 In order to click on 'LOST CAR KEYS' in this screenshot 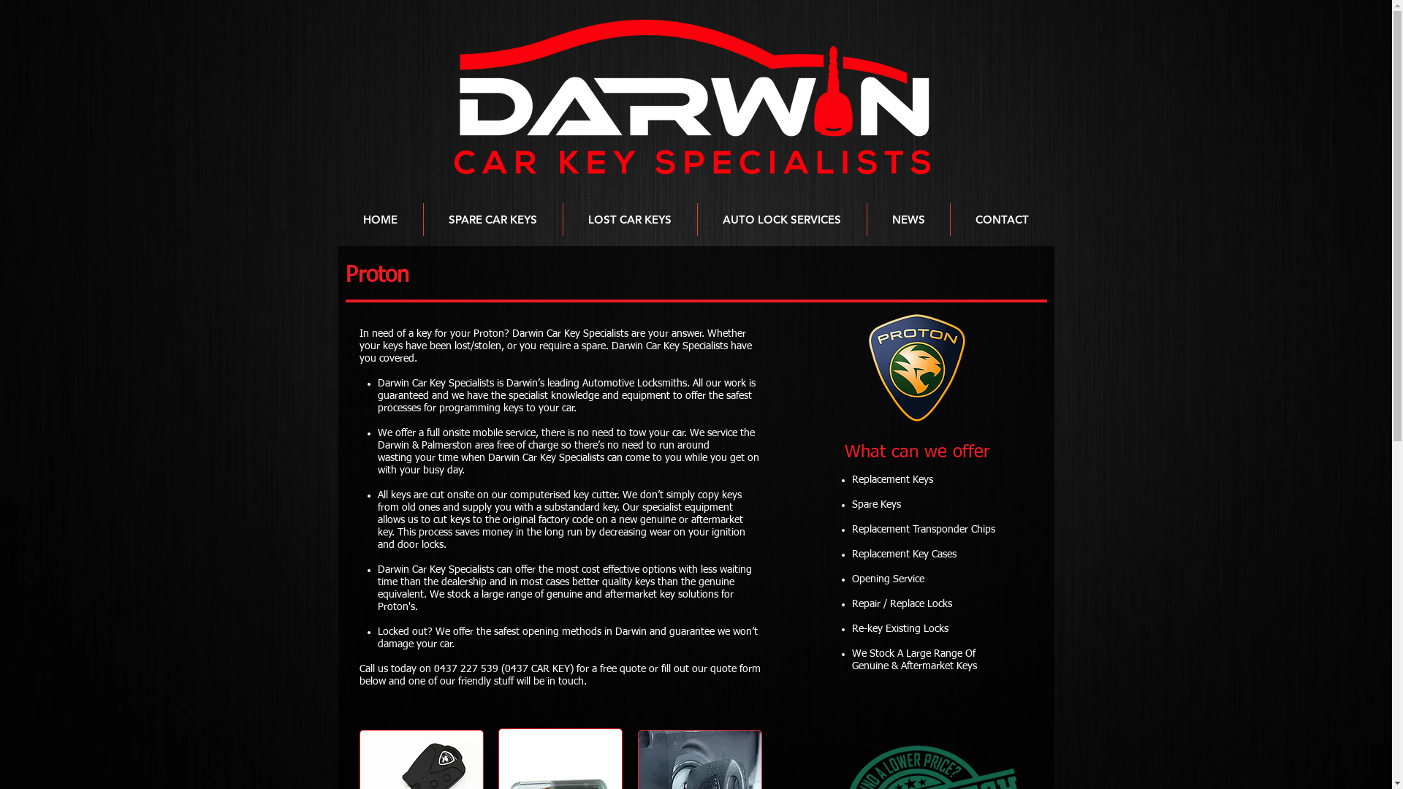, I will do `click(561, 219)`.